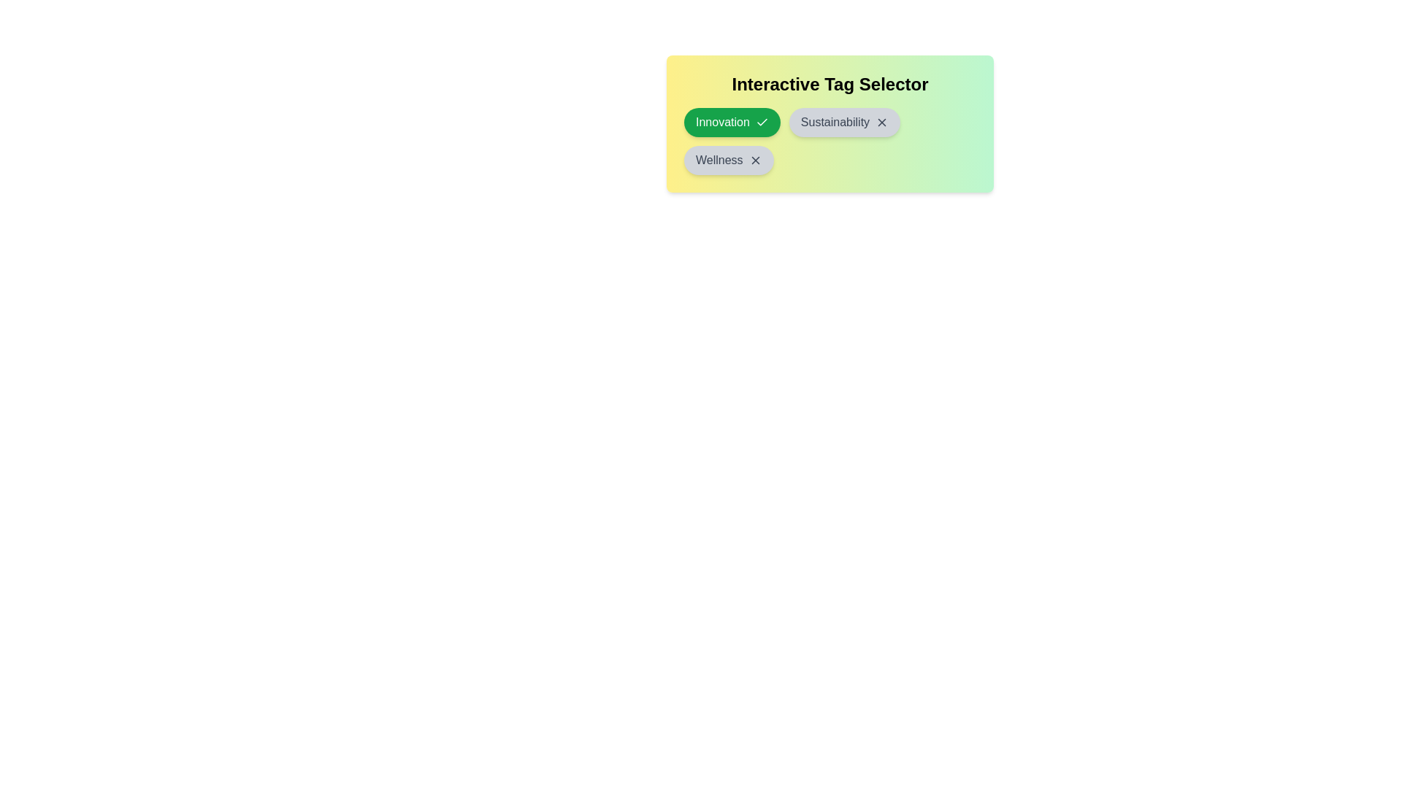 The image size is (1402, 788). Describe the element at coordinates (729, 160) in the screenshot. I see `the tag Wellness` at that location.